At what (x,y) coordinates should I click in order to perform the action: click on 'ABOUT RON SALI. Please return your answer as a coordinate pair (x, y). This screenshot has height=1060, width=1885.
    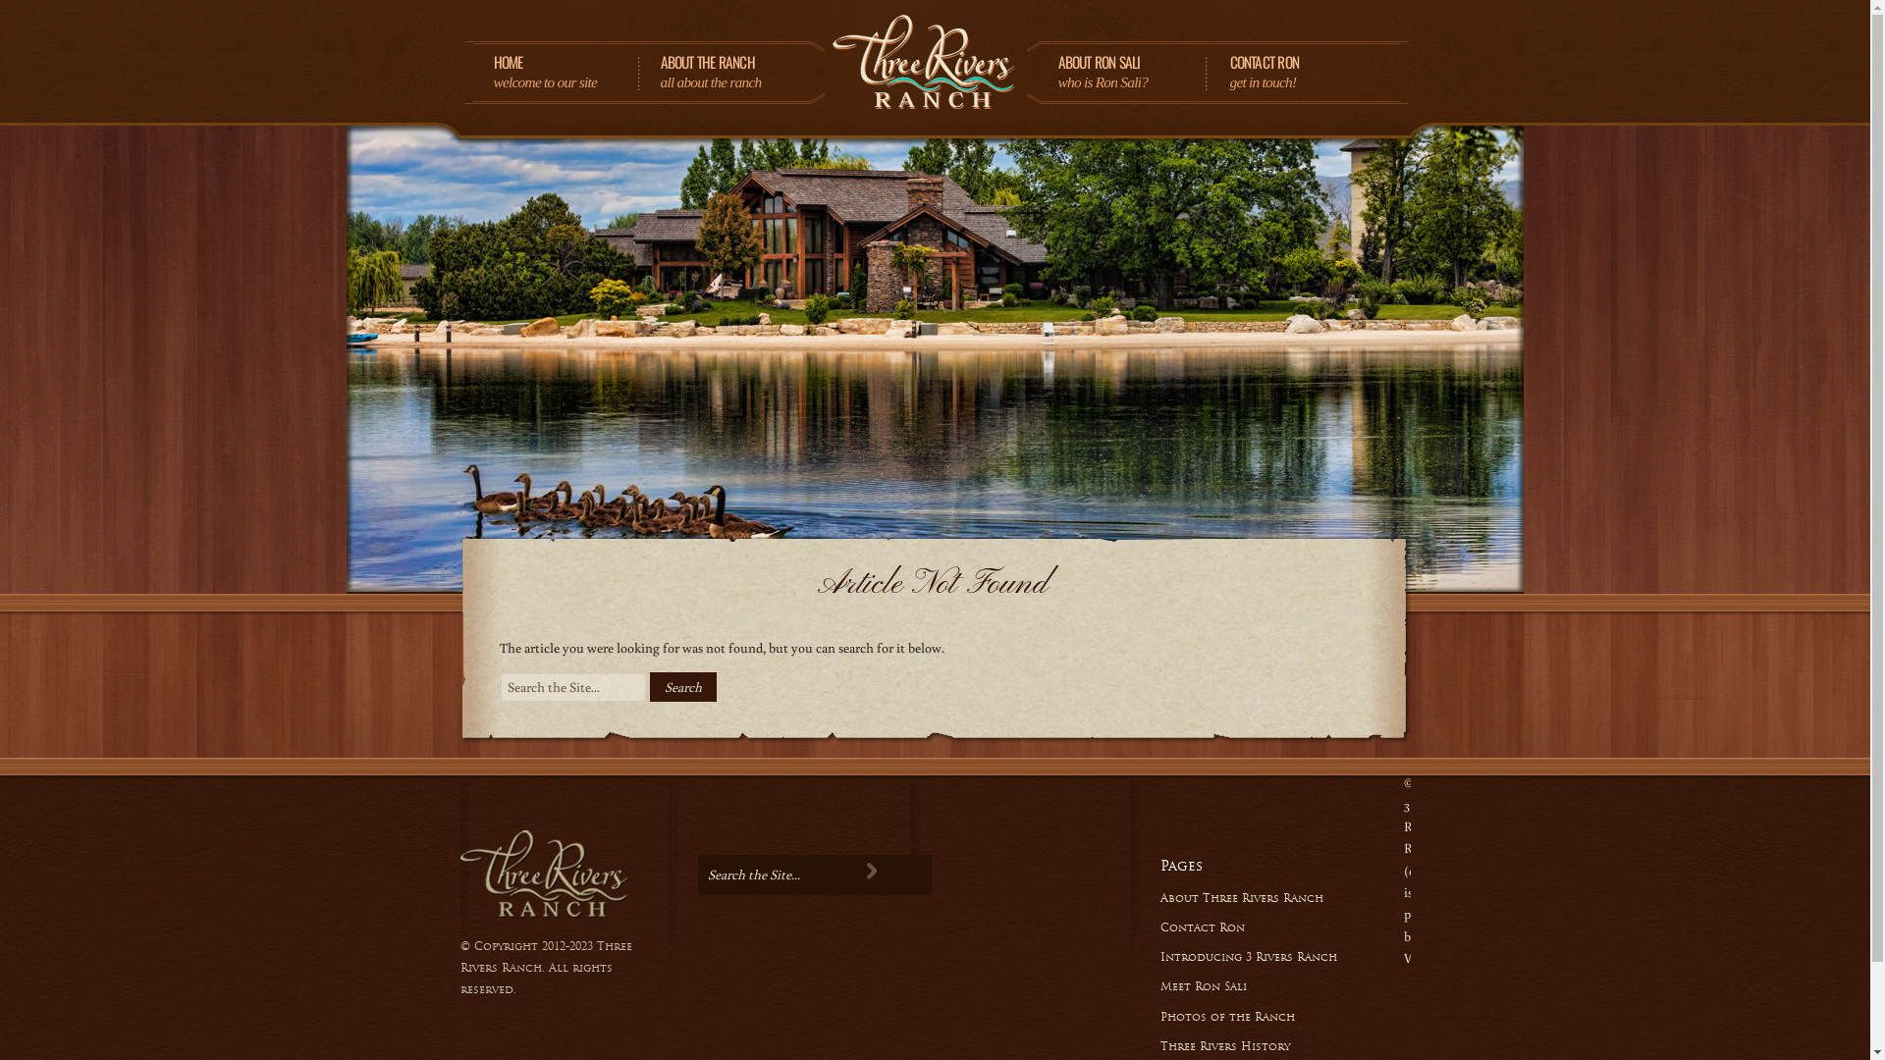
    Looking at the image, I should click on (1124, 71).